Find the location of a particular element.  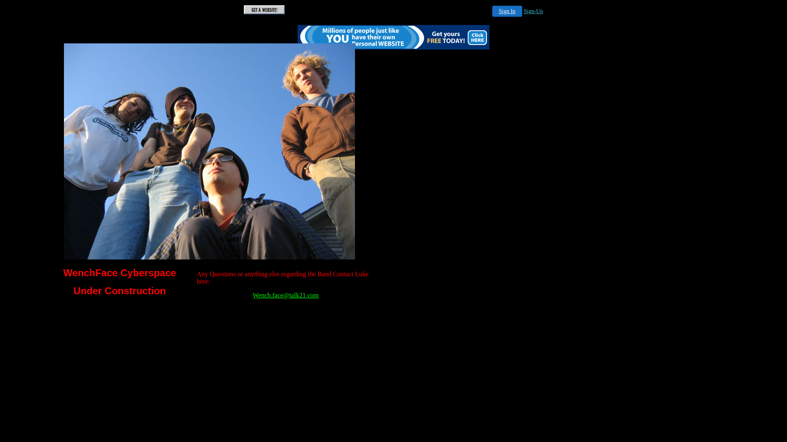

'Wench.face@talk21.com' is located at coordinates (286, 295).